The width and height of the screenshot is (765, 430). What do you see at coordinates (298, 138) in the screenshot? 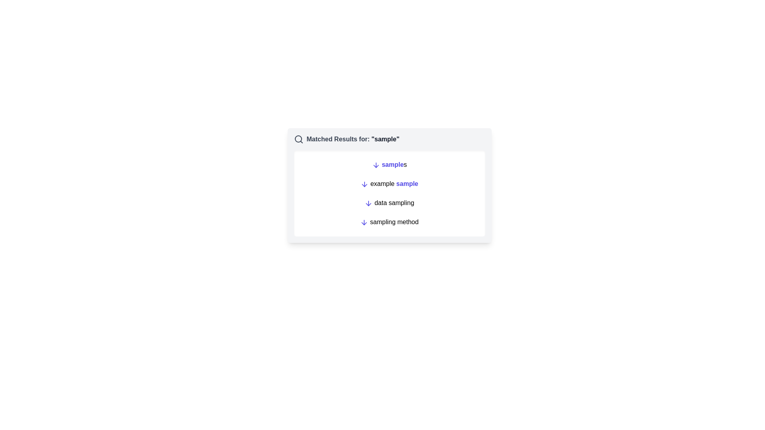
I see `the central circular part of the magnifying glass icon, which has an 8-unit radius and is located near the top-right section of the interface` at bounding box center [298, 138].